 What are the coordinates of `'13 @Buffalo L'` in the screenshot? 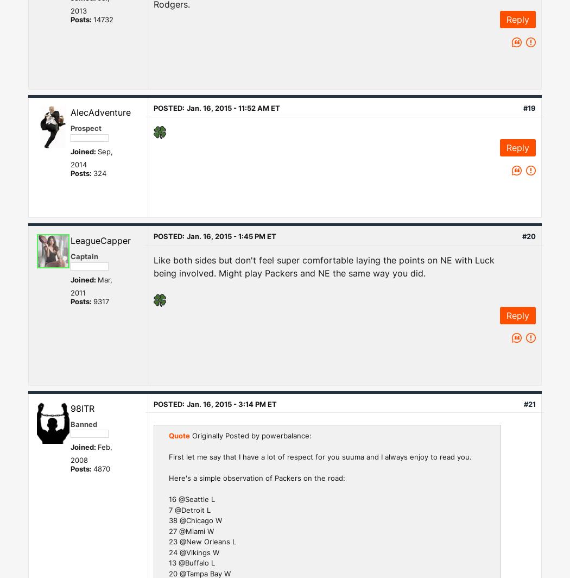 It's located at (191, 563).